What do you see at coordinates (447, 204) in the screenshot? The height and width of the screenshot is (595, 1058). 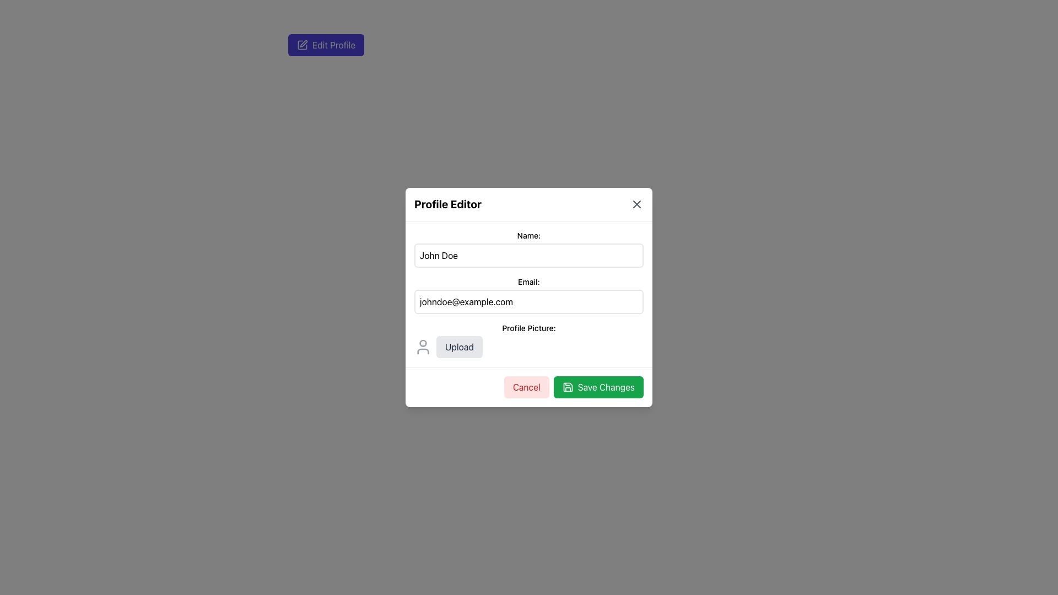 I see `text of the 'Profile Editor' label, which is a bold, large-sized font at the top of the modal dialog box` at bounding box center [447, 204].